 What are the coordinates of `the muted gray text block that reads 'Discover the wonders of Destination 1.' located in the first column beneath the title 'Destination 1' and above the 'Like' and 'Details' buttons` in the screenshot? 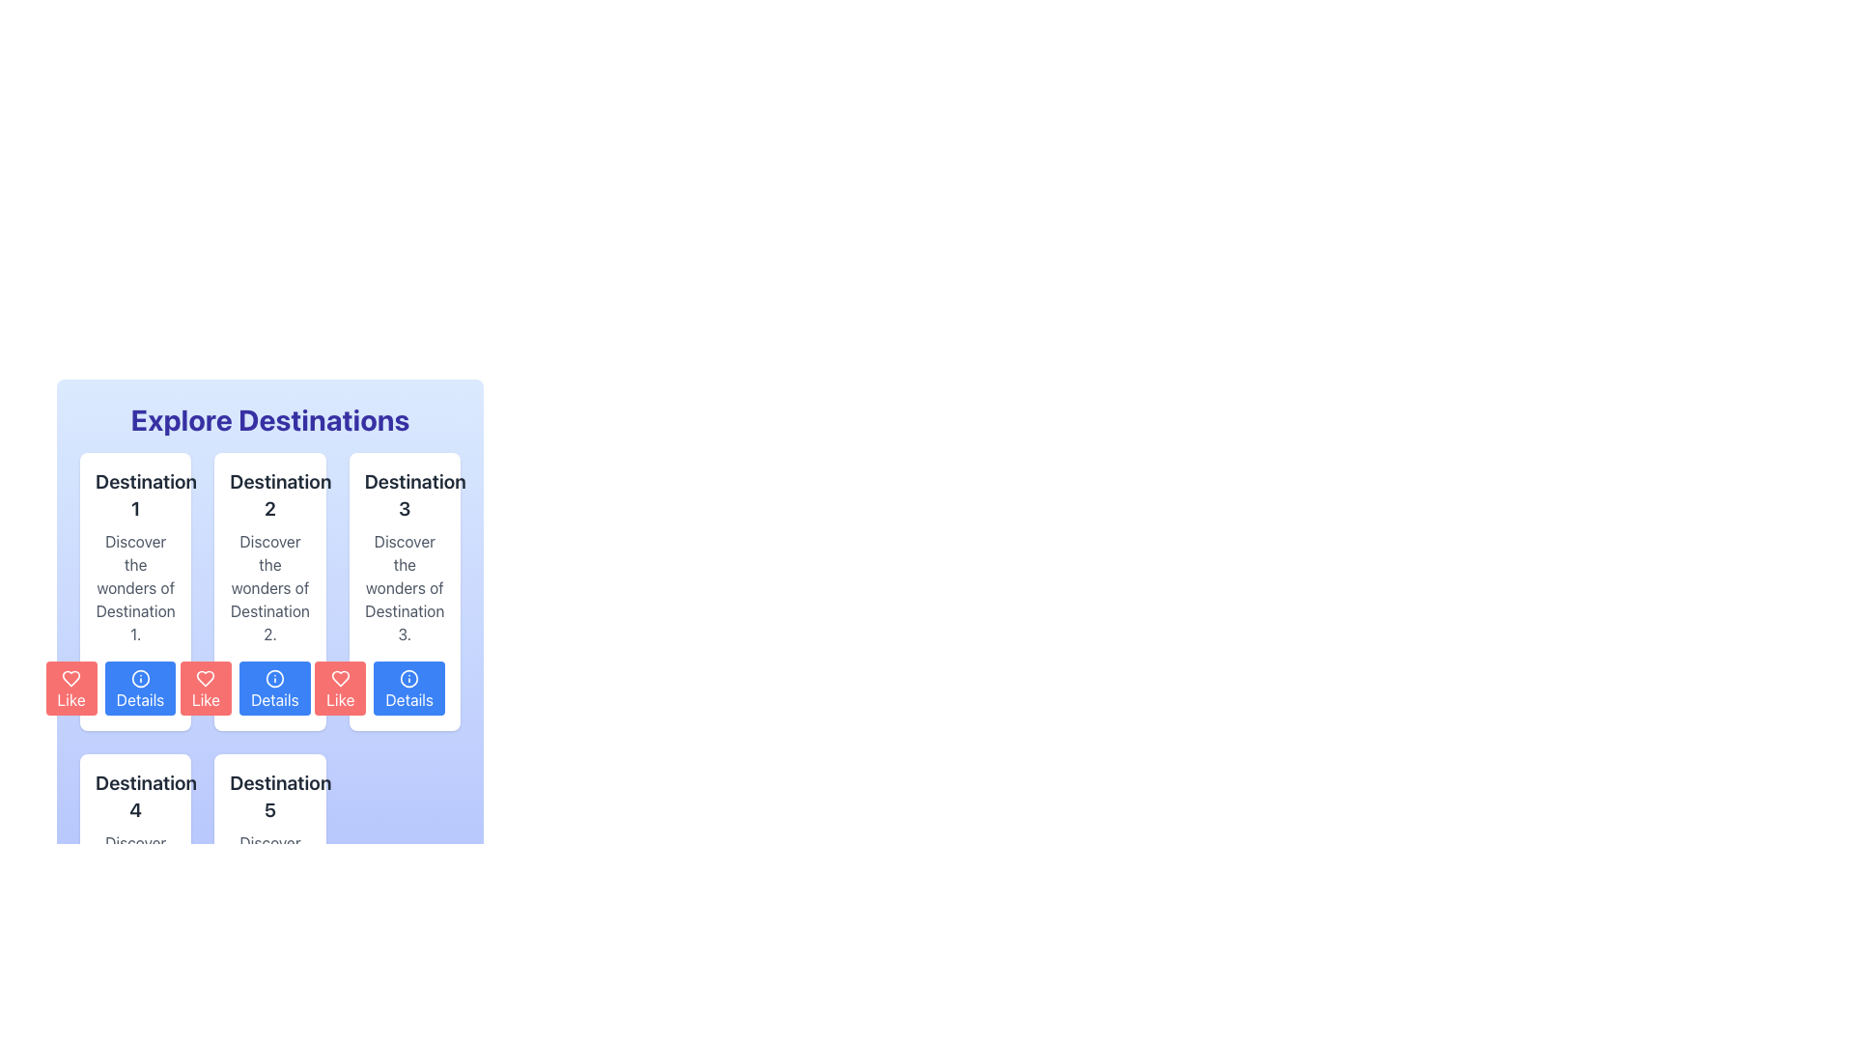 It's located at (134, 587).